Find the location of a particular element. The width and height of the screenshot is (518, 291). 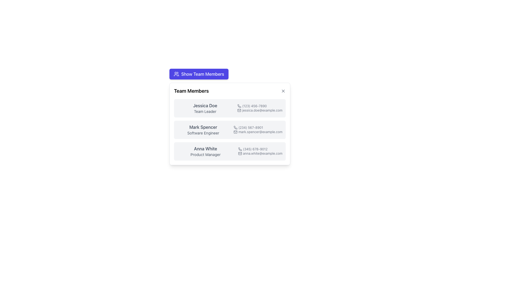

the text display for 'Anna White - Product Manager' in the third slot of the user information card within the 'Team Members' modal dialogue is located at coordinates (205, 151).